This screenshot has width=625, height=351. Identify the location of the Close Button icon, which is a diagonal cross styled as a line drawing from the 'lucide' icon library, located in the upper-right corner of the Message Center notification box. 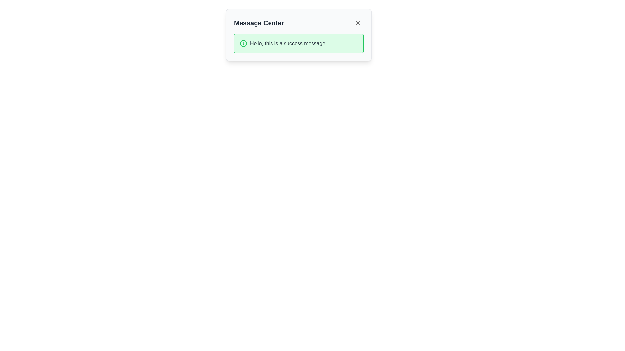
(357, 22).